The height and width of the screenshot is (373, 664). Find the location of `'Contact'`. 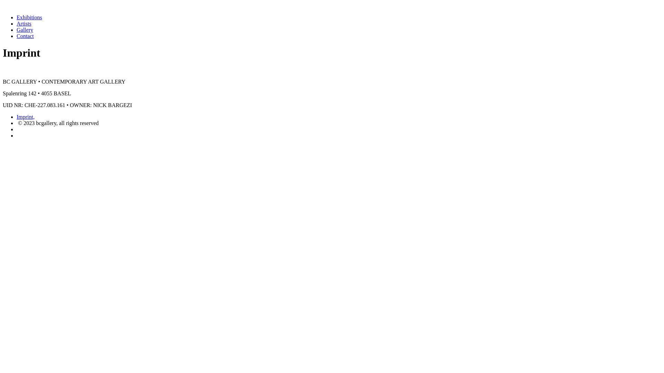

'Contact' is located at coordinates (25, 36).